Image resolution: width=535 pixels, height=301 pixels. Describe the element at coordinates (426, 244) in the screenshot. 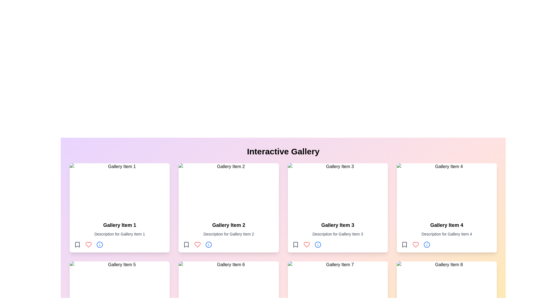

I see `the circular blue outlined information icon with an 'i' symbol located at the bottom of the fourth gallery item card` at that location.